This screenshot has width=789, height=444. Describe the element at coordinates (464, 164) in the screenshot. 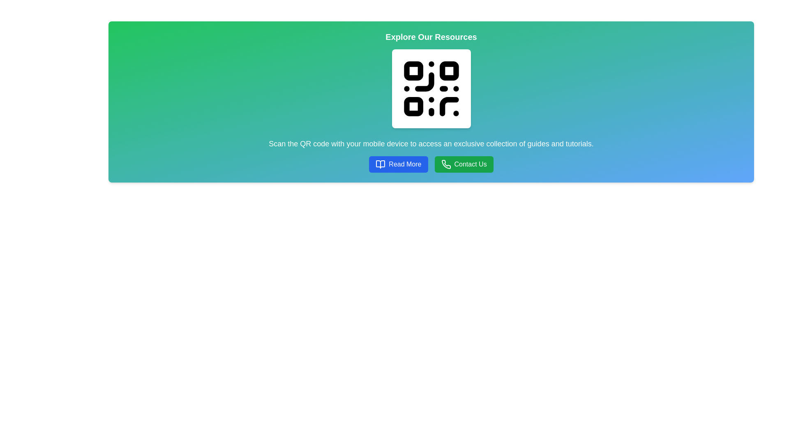

I see `the contact button located to the right of the 'Read More' button at the bottom of the section` at that location.